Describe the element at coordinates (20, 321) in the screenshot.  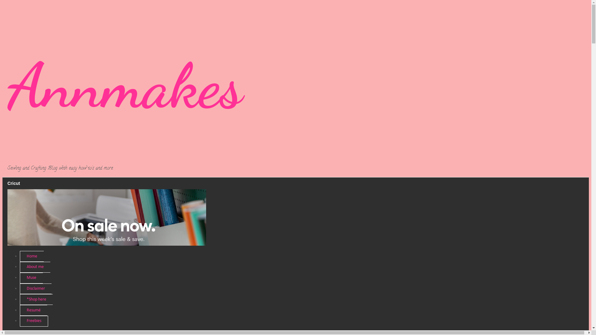
I see `'Freebies'` at that location.